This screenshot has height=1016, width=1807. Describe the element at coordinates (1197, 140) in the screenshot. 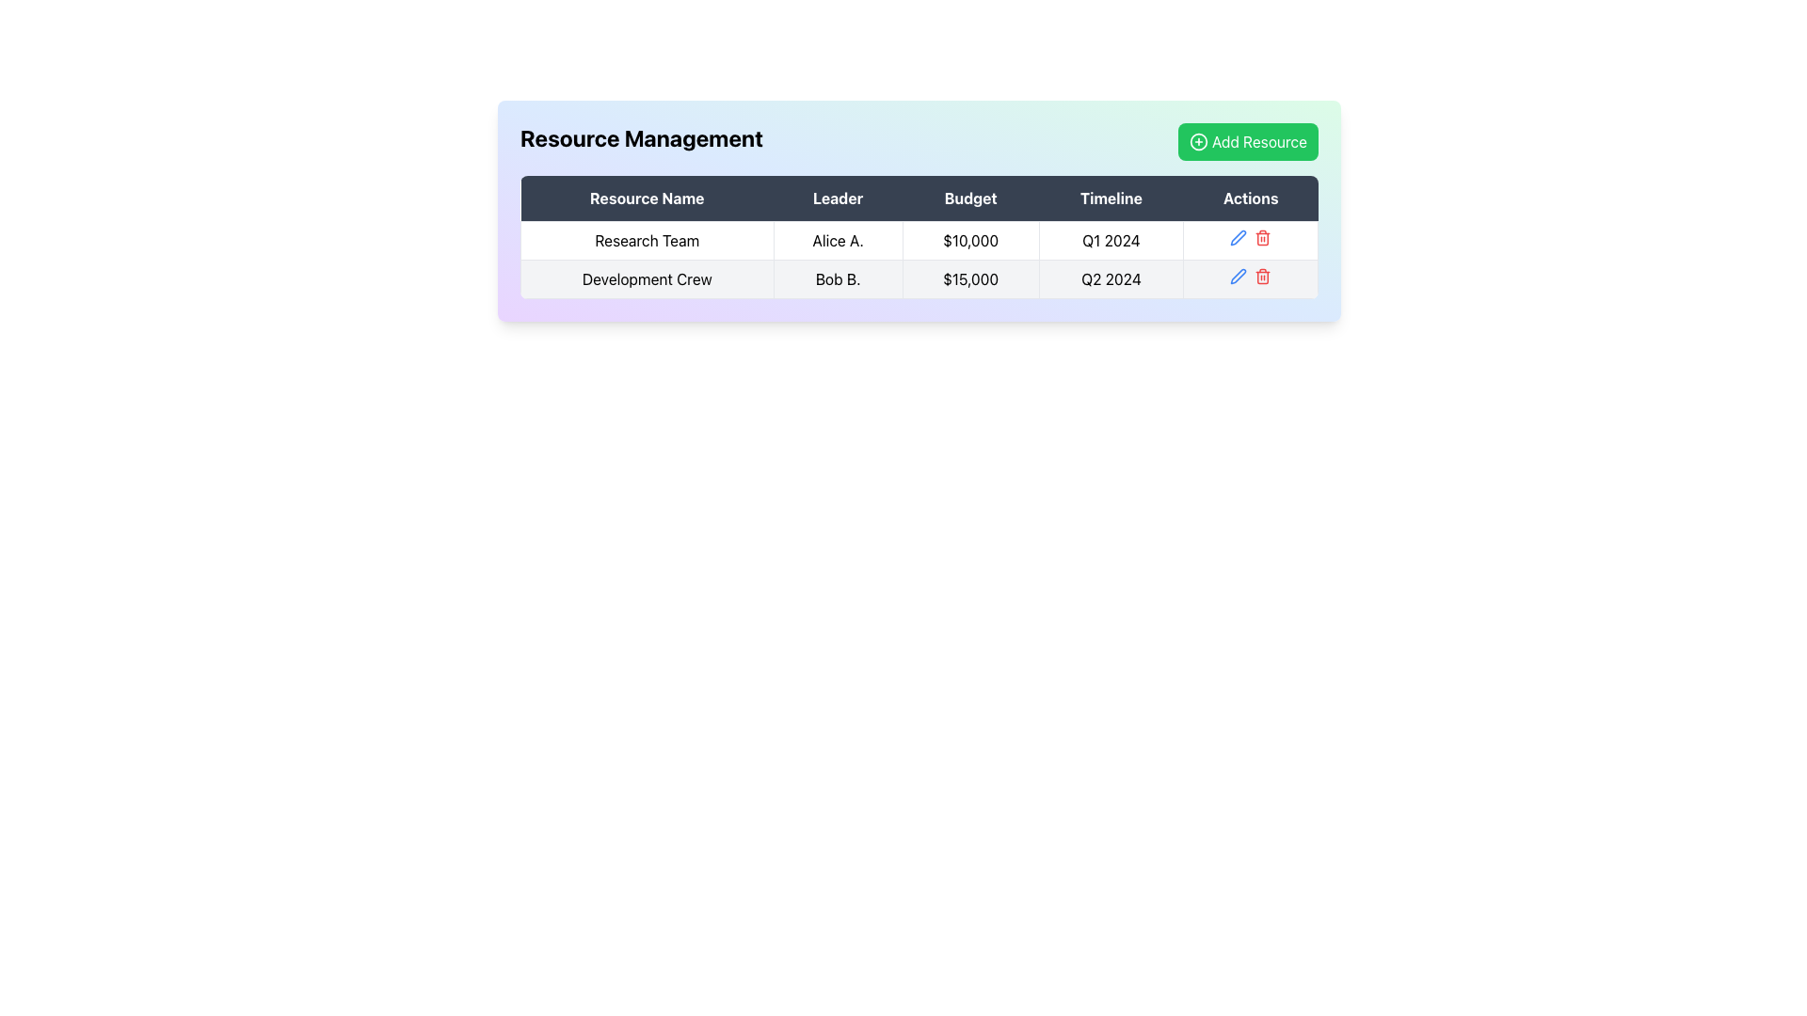

I see `the circular '+' icon with a green background and white border, part of the 'Add Resource' button located in the top-right corner of the table header` at that location.